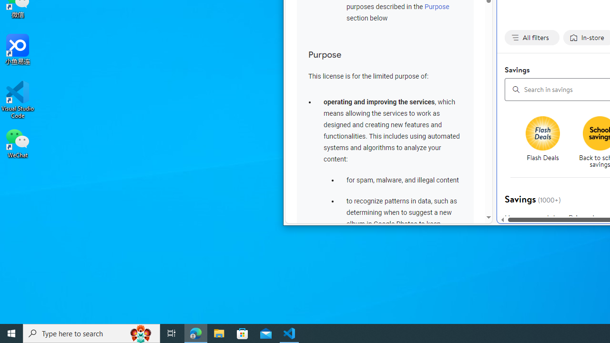  I want to click on 'Flash deals', so click(543, 133).